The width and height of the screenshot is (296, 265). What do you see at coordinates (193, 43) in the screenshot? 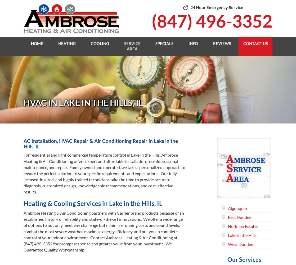
I see `'Info'` at bounding box center [193, 43].